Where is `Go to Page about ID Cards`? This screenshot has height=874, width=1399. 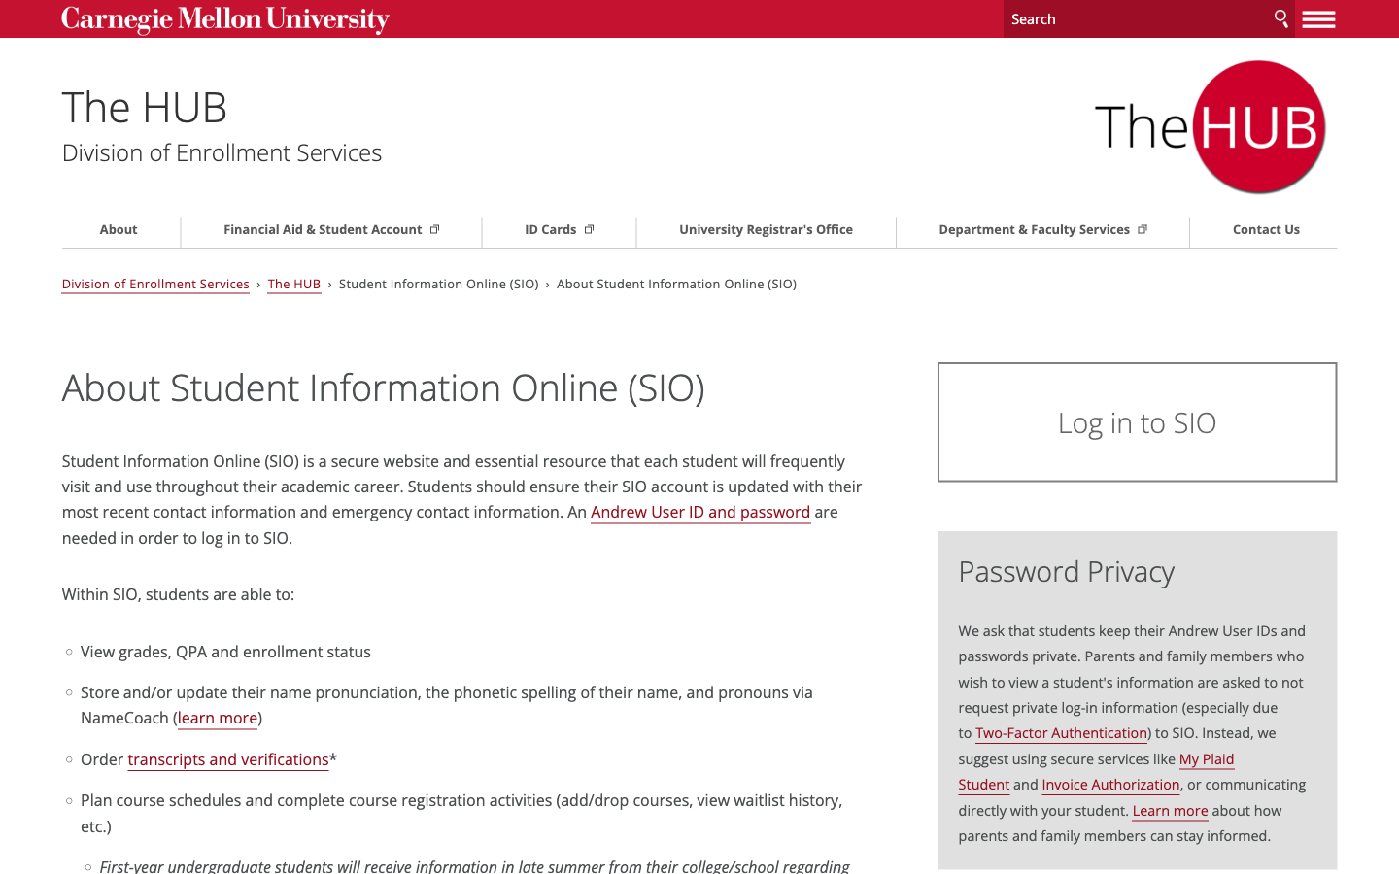 Go to Page about ID Cards is located at coordinates (567, 228).